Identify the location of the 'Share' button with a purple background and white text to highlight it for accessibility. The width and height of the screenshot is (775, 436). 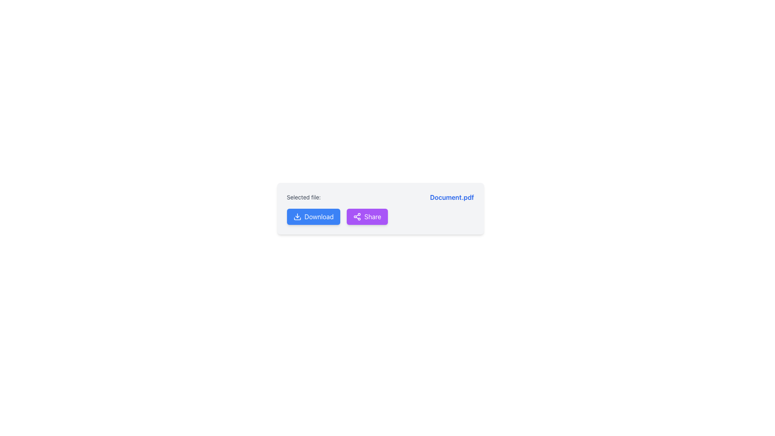
(367, 216).